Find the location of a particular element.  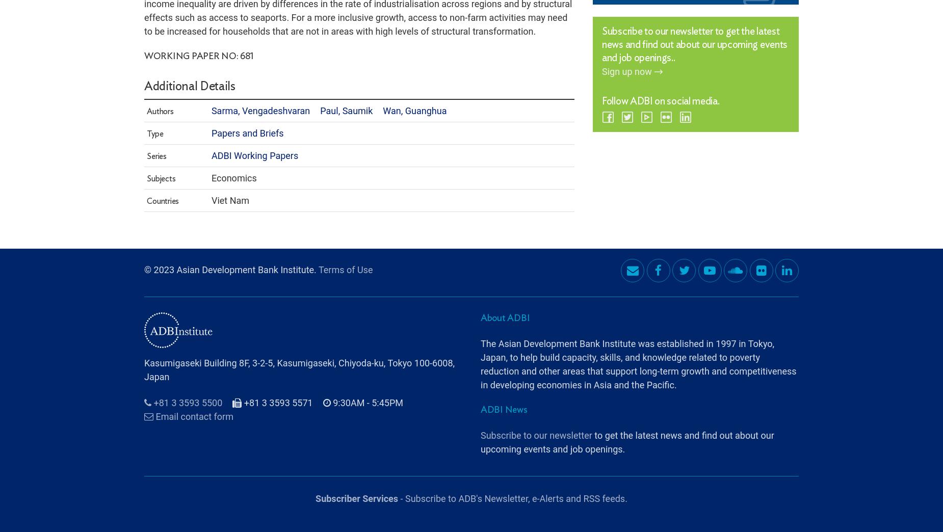

'Follow ADBI on social media.' is located at coordinates (660, 72).